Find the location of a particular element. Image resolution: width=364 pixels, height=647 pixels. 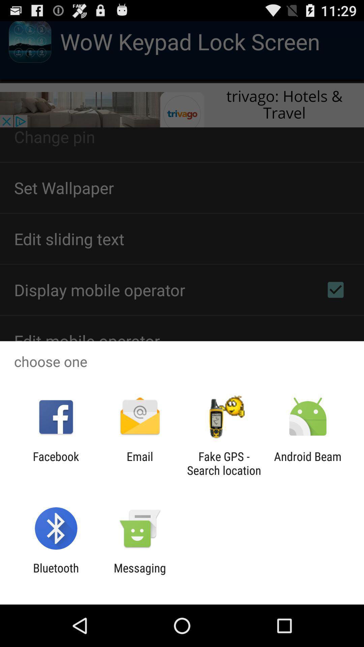

the icon to the right of the facebook is located at coordinates (140, 463).